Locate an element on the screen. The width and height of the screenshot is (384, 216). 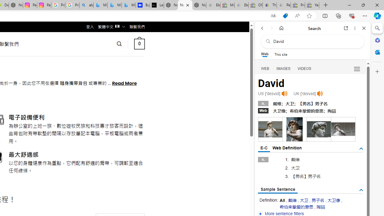
'  0  ' is located at coordinates (139, 43).